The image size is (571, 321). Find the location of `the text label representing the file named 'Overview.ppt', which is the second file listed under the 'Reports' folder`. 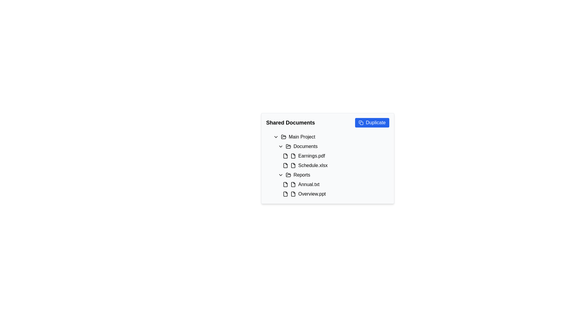

the text label representing the file named 'Overview.ppt', which is the second file listed under the 'Reports' folder is located at coordinates (312, 194).